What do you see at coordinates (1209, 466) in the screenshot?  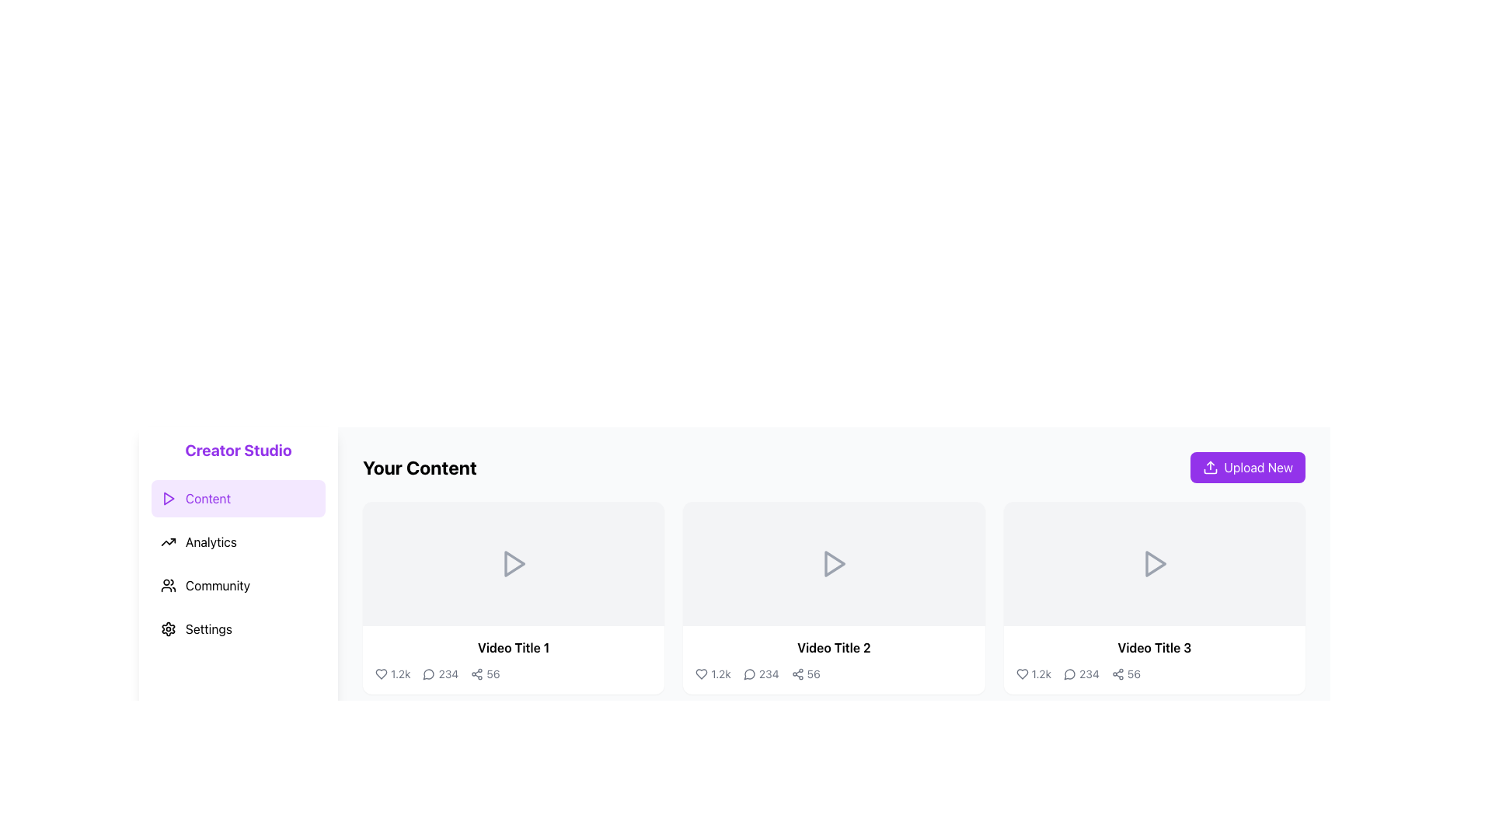 I see `the 'Upload New' button which contains the icon indicating the functionality of uploading or adding new content` at bounding box center [1209, 466].